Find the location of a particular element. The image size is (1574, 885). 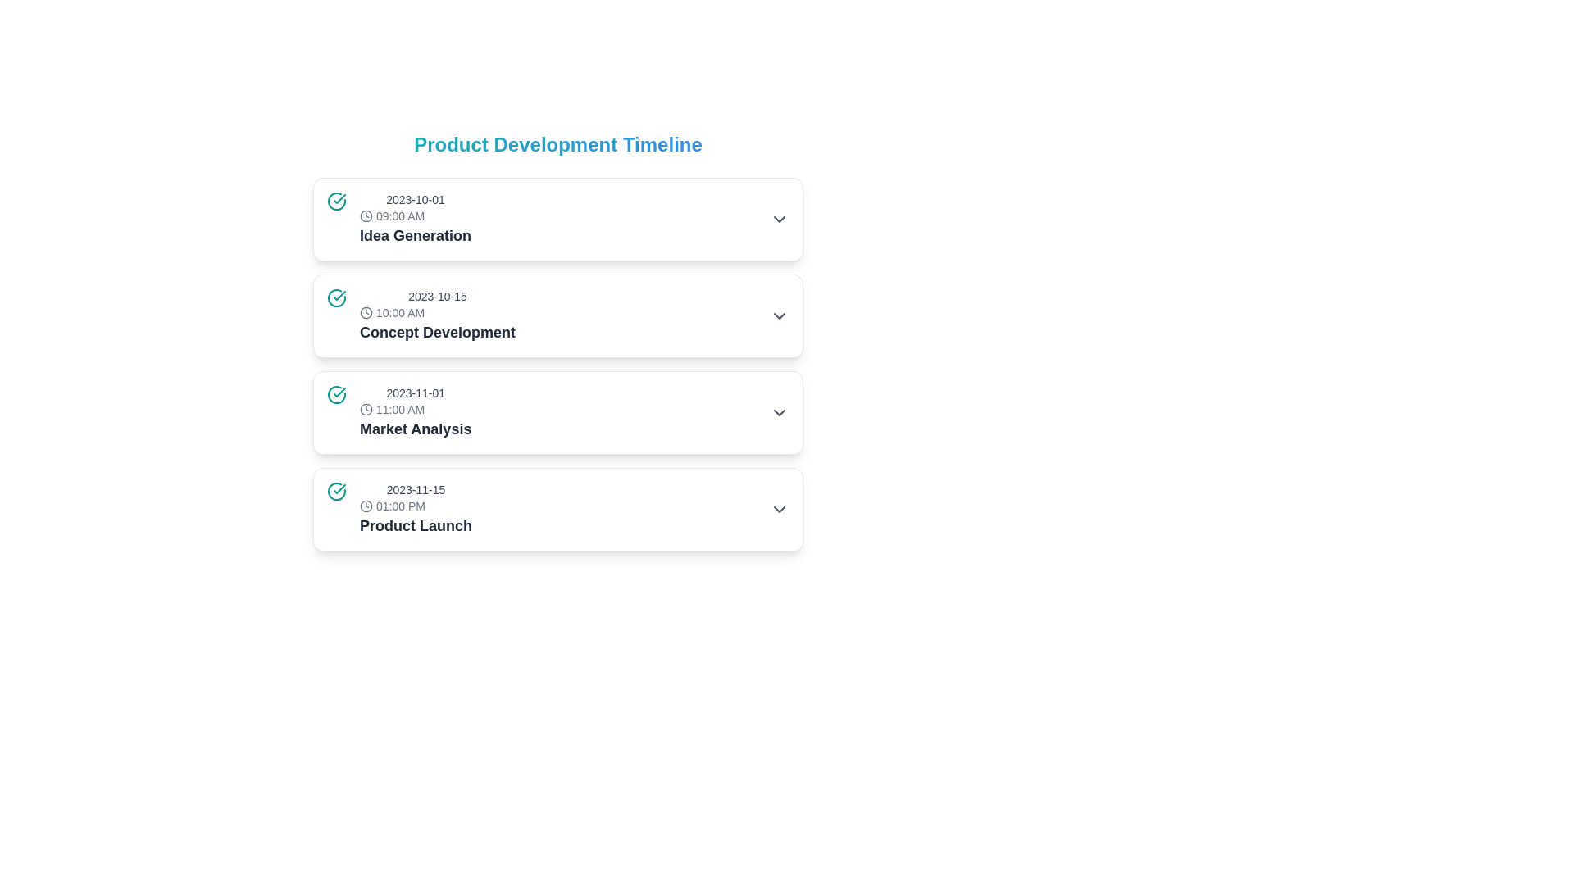

the clock icon representing the starting time of the 'Idea Generation' event located at the top left of the '09:00 AM' timestamp in the first card is located at coordinates (365, 215).